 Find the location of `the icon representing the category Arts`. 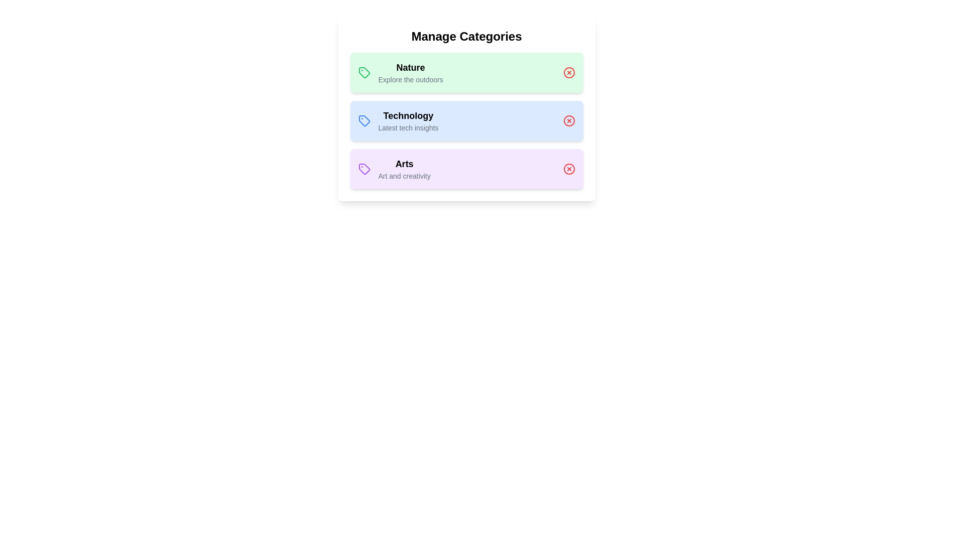

the icon representing the category Arts is located at coordinates (364, 168).